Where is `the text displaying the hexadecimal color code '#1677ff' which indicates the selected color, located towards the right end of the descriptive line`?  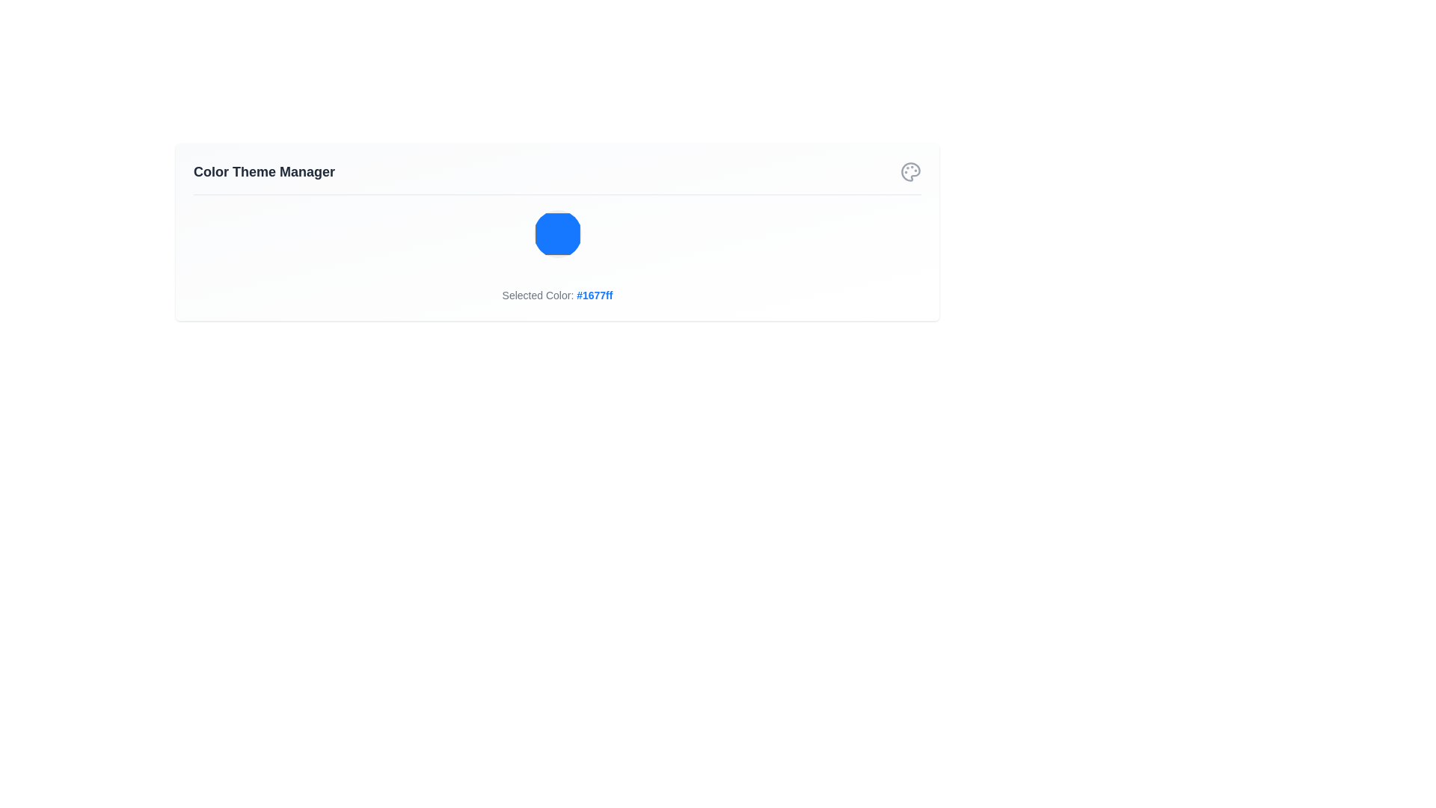 the text displaying the hexadecimal color code '#1677ff' which indicates the selected color, located towards the right end of the descriptive line is located at coordinates (594, 295).